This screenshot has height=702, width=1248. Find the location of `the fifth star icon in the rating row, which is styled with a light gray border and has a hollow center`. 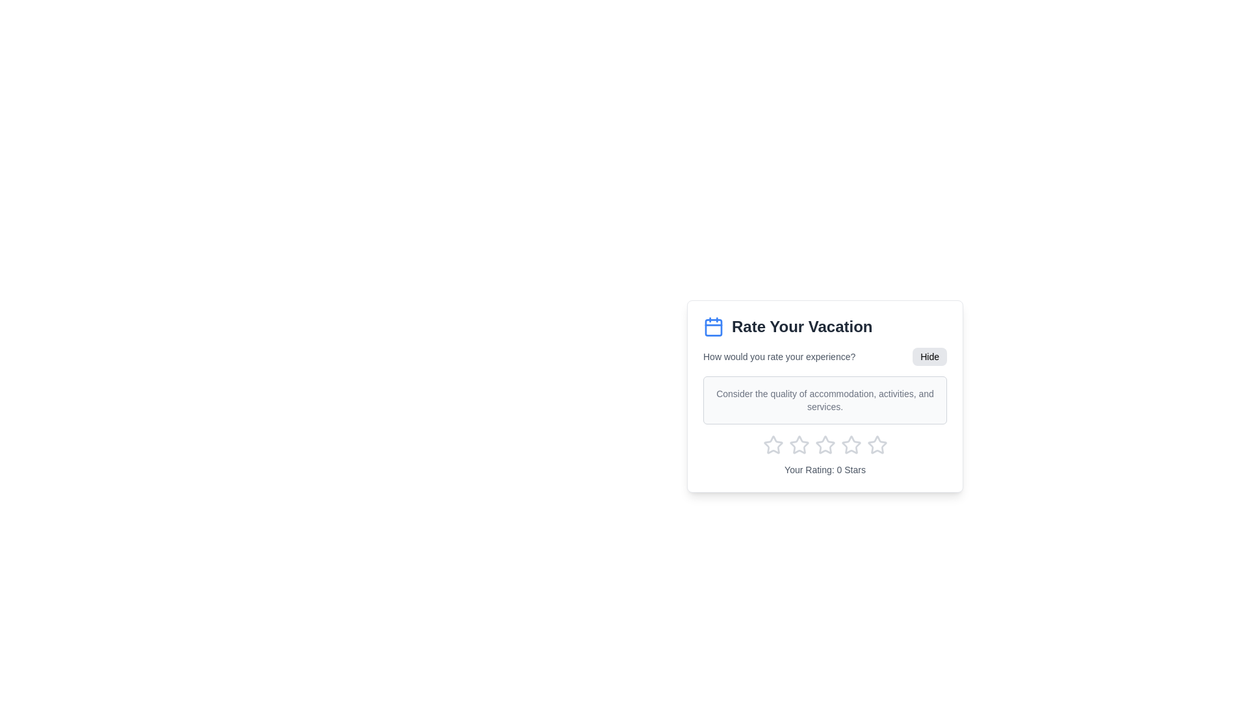

the fifth star icon in the rating row, which is styled with a light gray border and has a hollow center is located at coordinates (877, 444).